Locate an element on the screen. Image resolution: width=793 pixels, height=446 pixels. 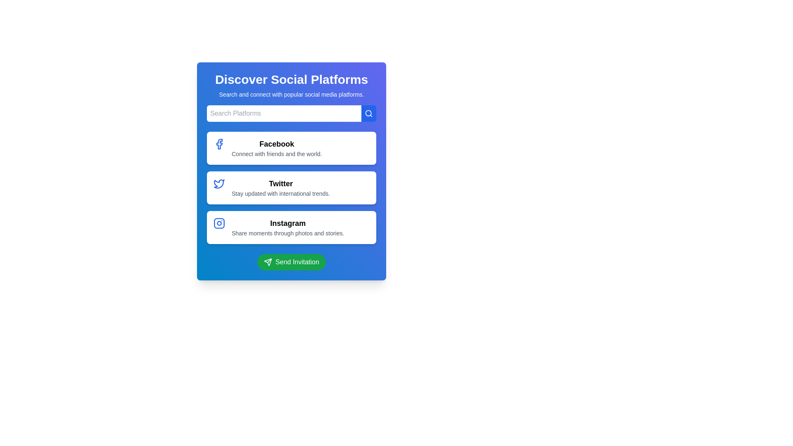
the Text block with title and subtitle at the top section of the card is located at coordinates (291, 85).